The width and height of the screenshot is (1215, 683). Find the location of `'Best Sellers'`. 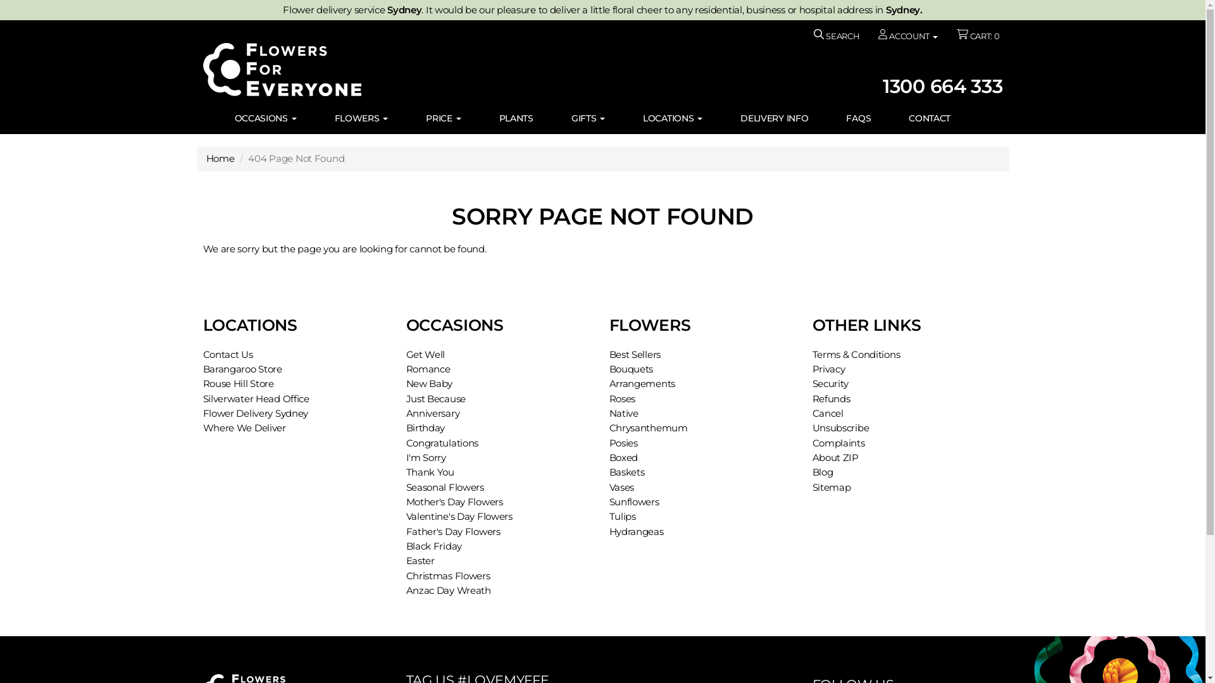

'Best Sellers' is located at coordinates (635, 354).